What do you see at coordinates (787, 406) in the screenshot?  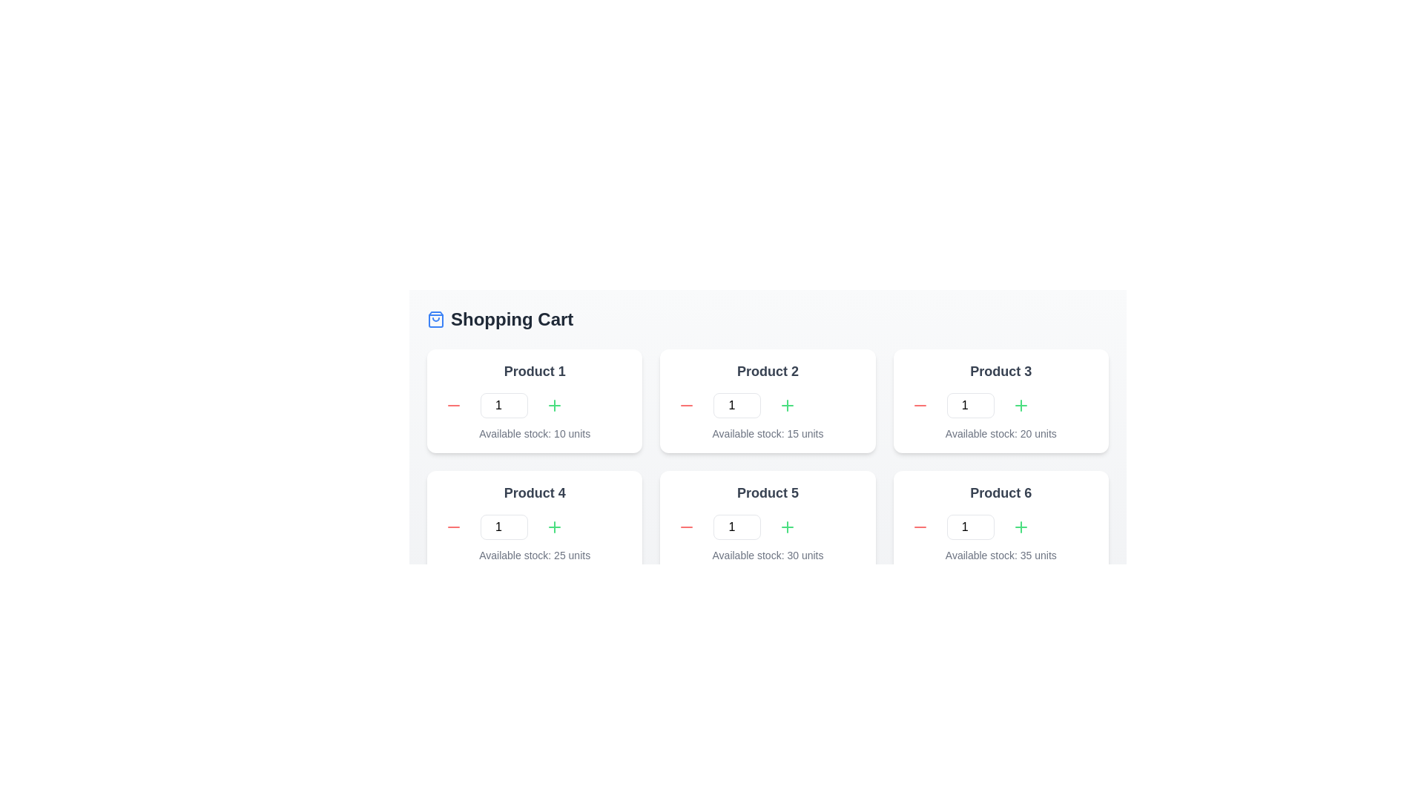 I see `the green circle-shaped button with a white plus icon, located to the right of the numeric input field at the bottom-right of the 'Product 2' card, to increment the value in the adjacent input box` at bounding box center [787, 406].